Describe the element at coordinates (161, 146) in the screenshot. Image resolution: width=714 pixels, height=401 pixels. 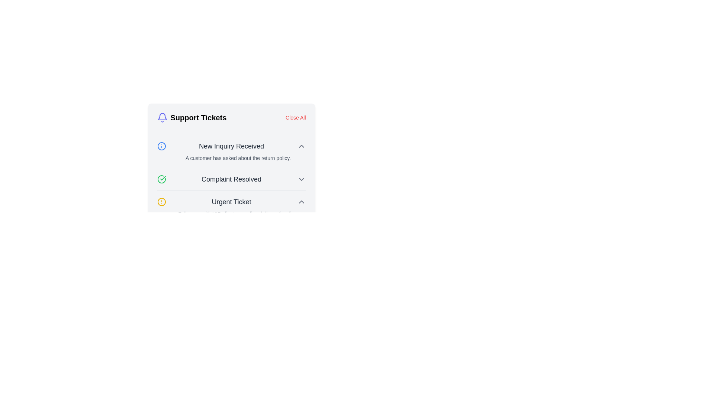
I see `the icon indicating the 'New Inquiry Received' notification, which is positioned to the left of the notification text` at that location.